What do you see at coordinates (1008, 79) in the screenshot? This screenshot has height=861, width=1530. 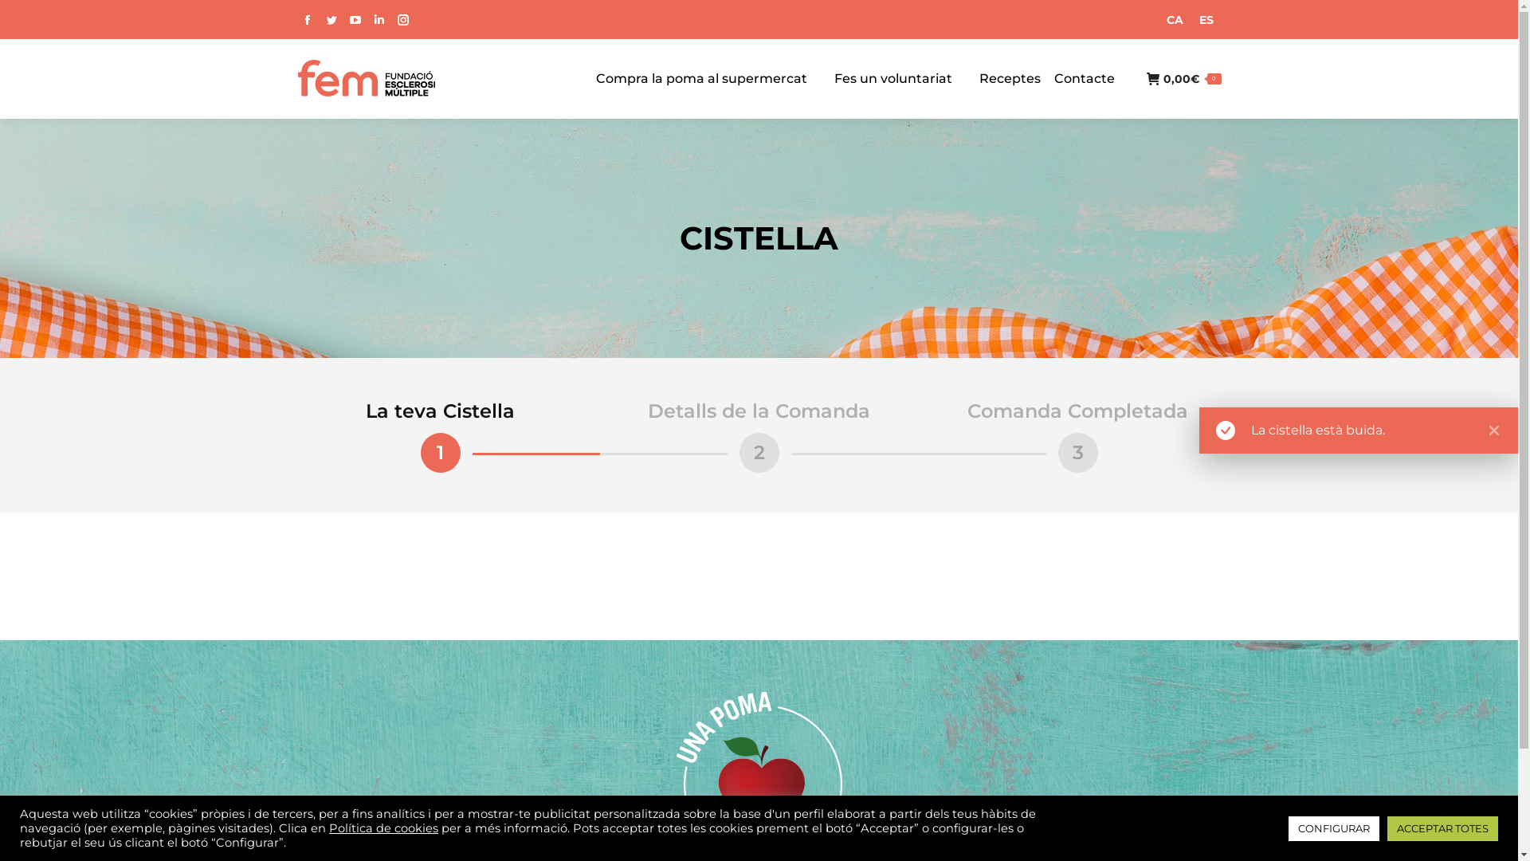 I see `'Receptes'` at bounding box center [1008, 79].